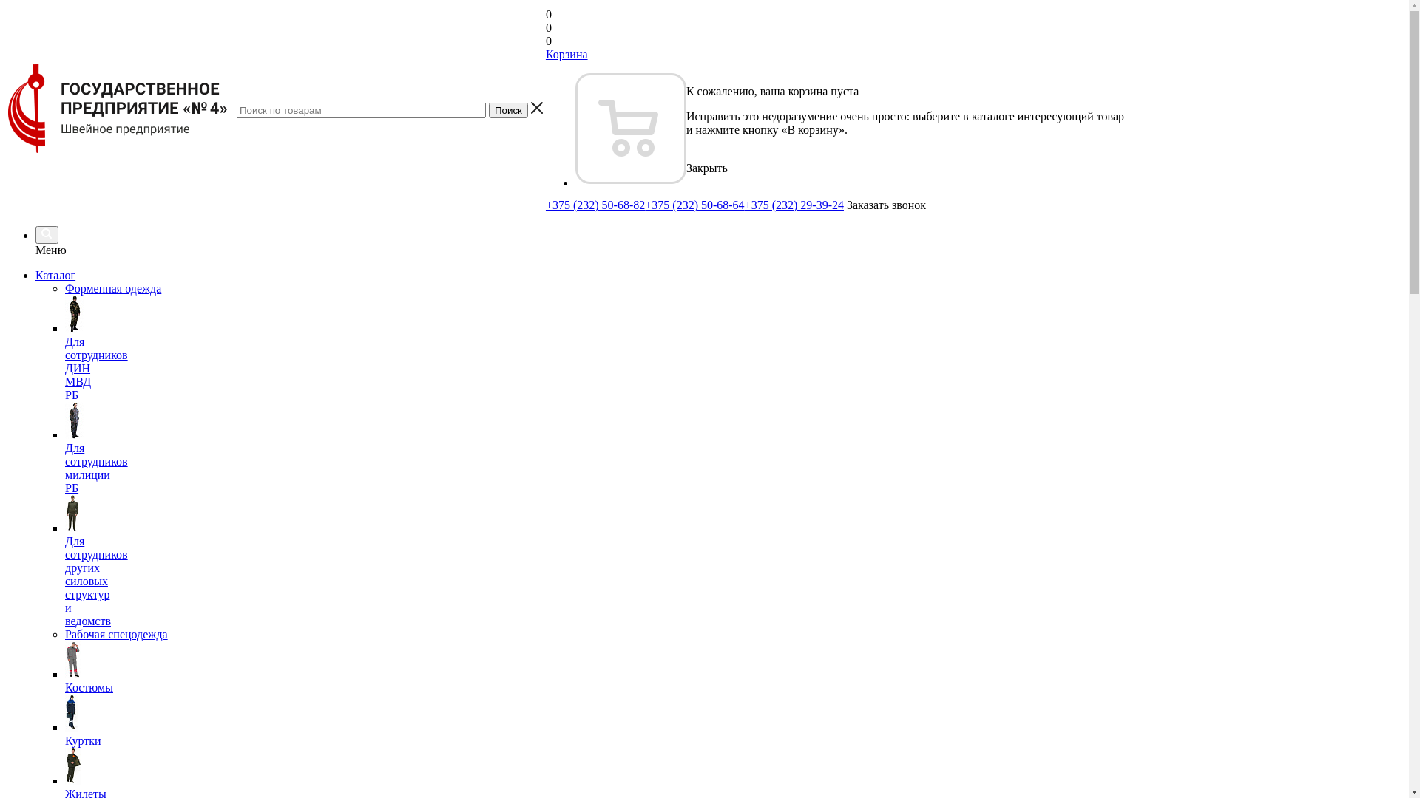 The width and height of the screenshot is (1420, 798). What do you see at coordinates (694, 205) in the screenshot?
I see `'+375 (232) 50-68-64'` at bounding box center [694, 205].